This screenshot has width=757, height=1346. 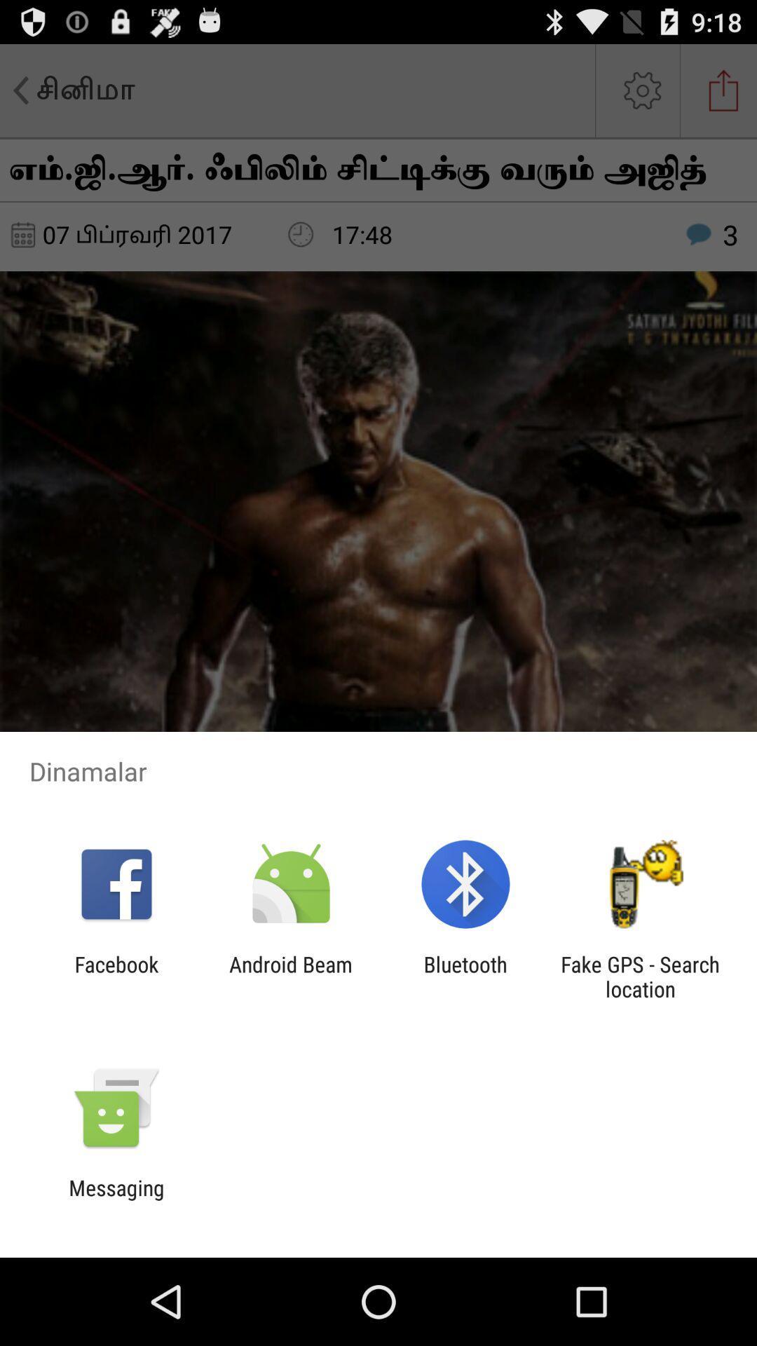 What do you see at coordinates (465, 976) in the screenshot?
I see `the icon next to the fake gps search icon` at bounding box center [465, 976].